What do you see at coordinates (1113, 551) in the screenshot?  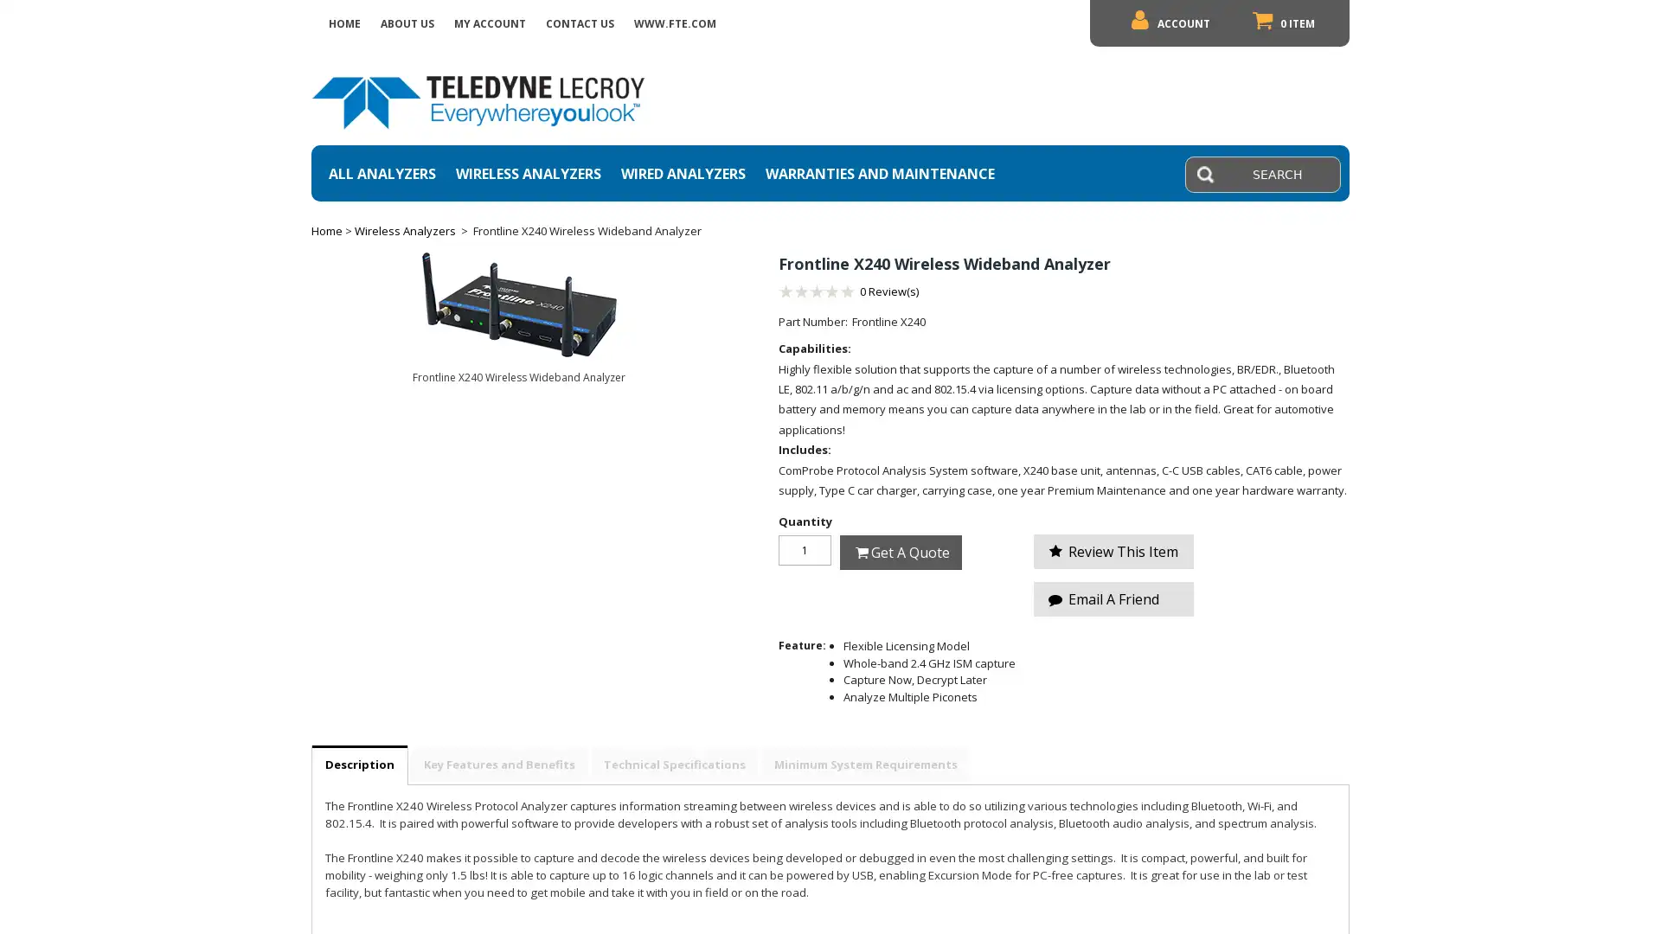 I see `Review This Item` at bounding box center [1113, 551].